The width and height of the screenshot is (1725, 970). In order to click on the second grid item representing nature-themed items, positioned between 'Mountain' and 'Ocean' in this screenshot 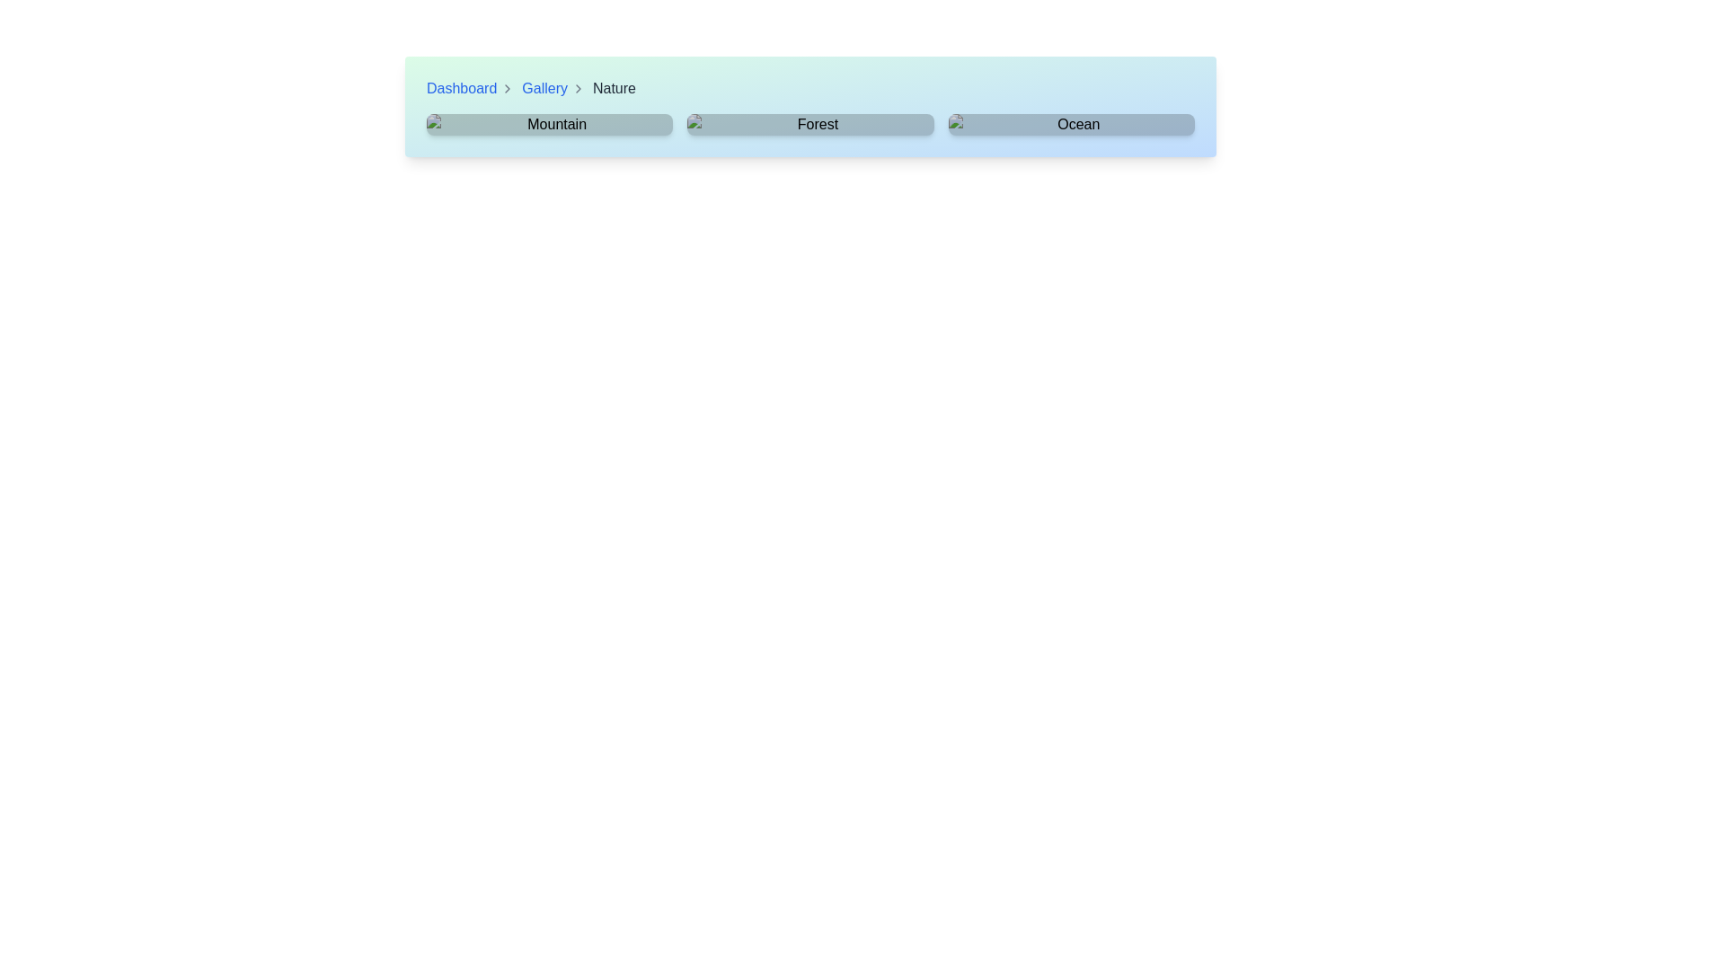, I will do `click(809, 123)`.